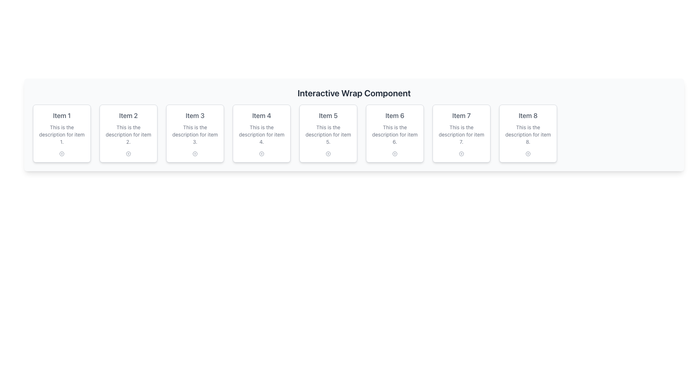  Describe the element at coordinates (528, 134) in the screenshot. I see `the Interactive card displaying information about 'Item 8', located at the bottom-right corner of the grid layout` at that location.